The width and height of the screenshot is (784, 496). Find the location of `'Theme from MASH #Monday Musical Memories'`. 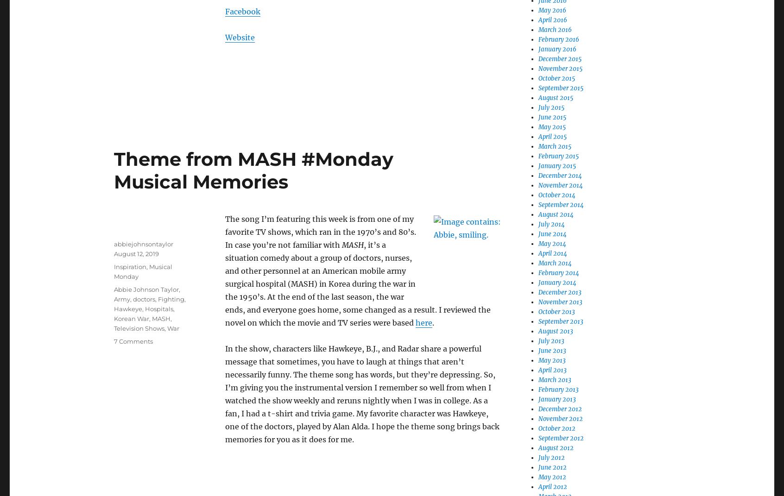

'Theme from MASH #Monday Musical Memories' is located at coordinates (253, 170).